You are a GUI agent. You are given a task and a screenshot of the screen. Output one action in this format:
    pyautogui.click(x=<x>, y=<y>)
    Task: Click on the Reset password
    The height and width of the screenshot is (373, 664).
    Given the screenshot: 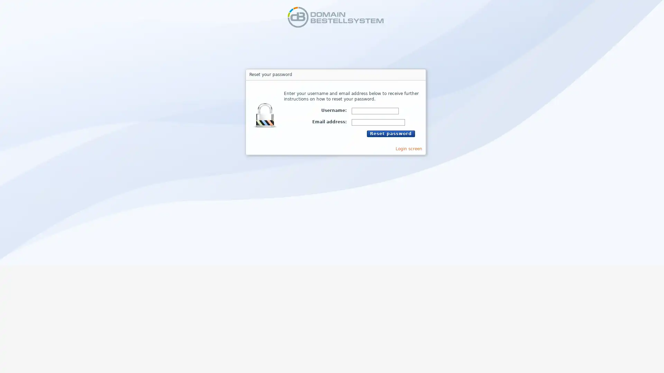 What is the action you would take?
    pyautogui.click(x=390, y=133)
    